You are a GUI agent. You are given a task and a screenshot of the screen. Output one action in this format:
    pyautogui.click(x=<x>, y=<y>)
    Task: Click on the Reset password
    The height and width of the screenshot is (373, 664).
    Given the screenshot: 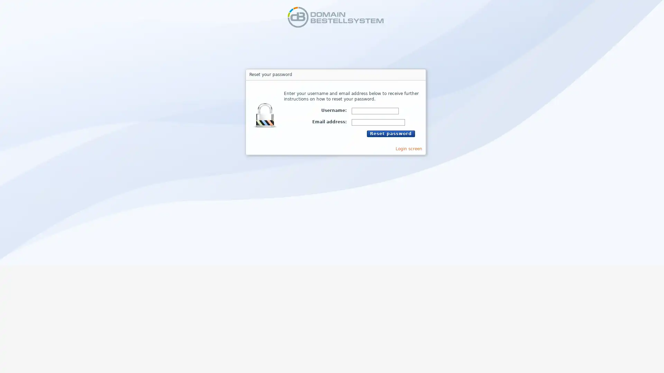 What is the action you would take?
    pyautogui.click(x=390, y=133)
    